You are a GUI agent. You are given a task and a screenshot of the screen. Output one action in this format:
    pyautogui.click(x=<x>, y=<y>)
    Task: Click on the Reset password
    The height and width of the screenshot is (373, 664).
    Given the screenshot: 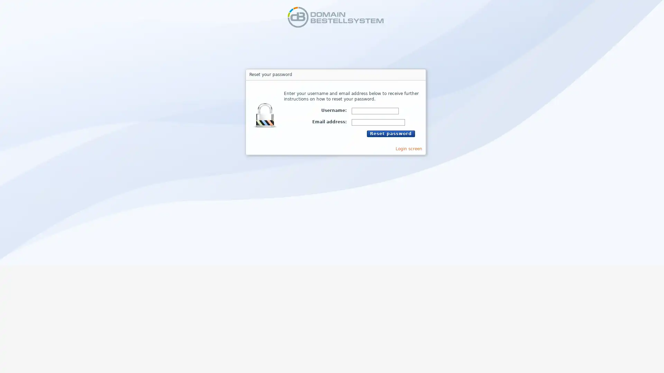 What is the action you would take?
    pyautogui.click(x=390, y=133)
    